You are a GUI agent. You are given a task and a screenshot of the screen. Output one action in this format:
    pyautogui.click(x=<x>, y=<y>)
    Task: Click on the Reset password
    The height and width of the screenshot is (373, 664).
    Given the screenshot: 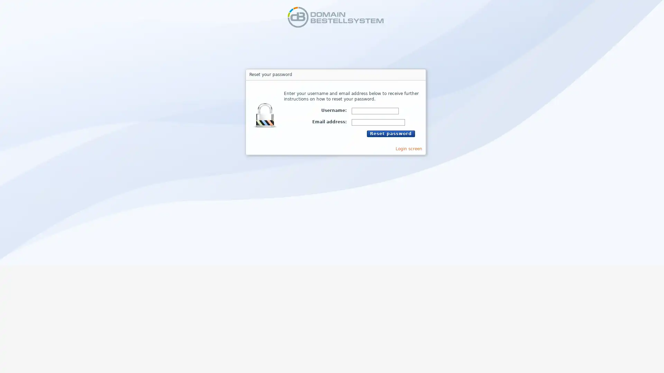 What is the action you would take?
    pyautogui.click(x=390, y=133)
    